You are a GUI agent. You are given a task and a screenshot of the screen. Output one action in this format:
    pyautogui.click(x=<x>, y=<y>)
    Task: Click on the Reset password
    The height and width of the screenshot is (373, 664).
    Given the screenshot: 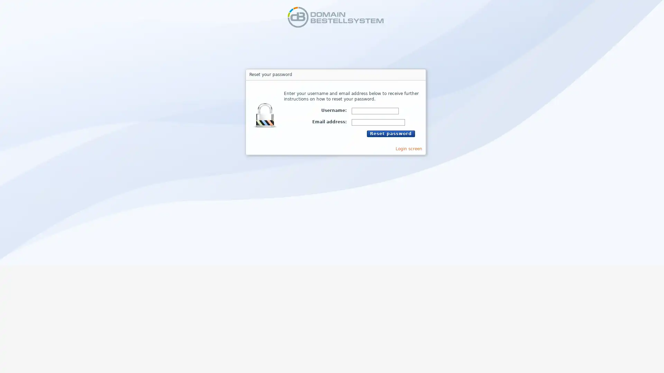 What is the action you would take?
    pyautogui.click(x=390, y=133)
    